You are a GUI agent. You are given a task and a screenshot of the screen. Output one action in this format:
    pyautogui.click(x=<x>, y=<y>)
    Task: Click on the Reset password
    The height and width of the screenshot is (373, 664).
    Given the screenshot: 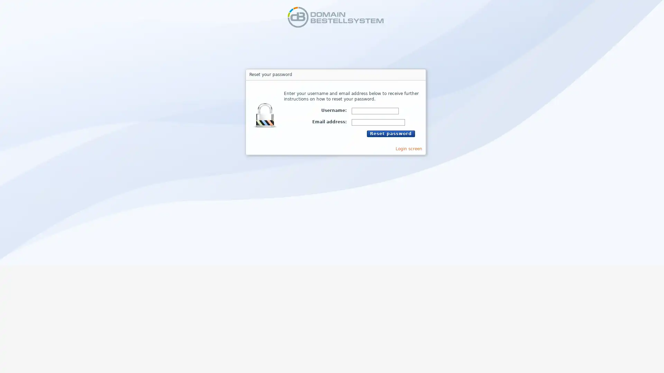 What is the action you would take?
    pyautogui.click(x=390, y=133)
    